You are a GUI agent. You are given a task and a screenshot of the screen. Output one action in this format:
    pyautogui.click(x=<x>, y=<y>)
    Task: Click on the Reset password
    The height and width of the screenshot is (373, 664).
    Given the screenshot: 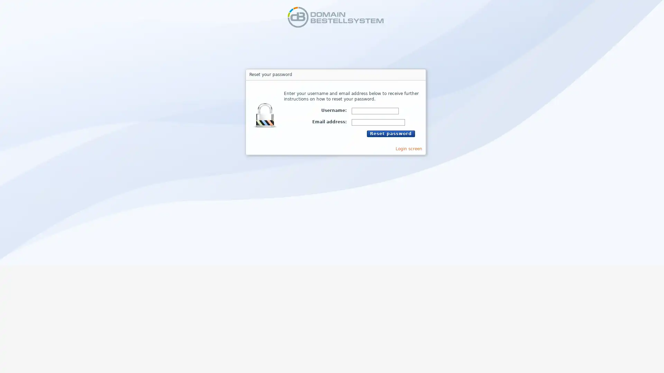 What is the action you would take?
    pyautogui.click(x=390, y=133)
    